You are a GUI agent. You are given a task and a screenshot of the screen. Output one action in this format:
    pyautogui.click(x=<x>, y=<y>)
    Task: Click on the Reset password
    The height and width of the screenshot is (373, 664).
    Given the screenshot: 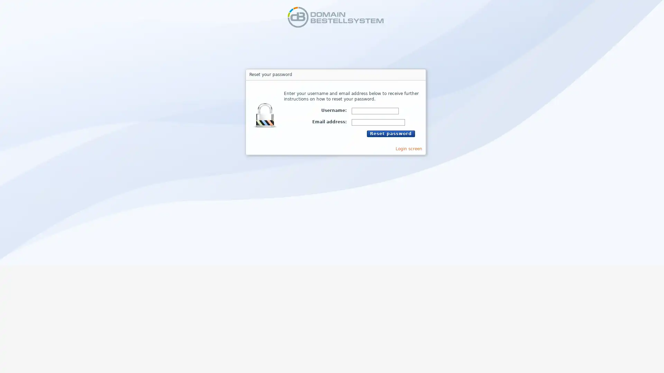 What is the action you would take?
    pyautogui.click(x=390, y=133)
    